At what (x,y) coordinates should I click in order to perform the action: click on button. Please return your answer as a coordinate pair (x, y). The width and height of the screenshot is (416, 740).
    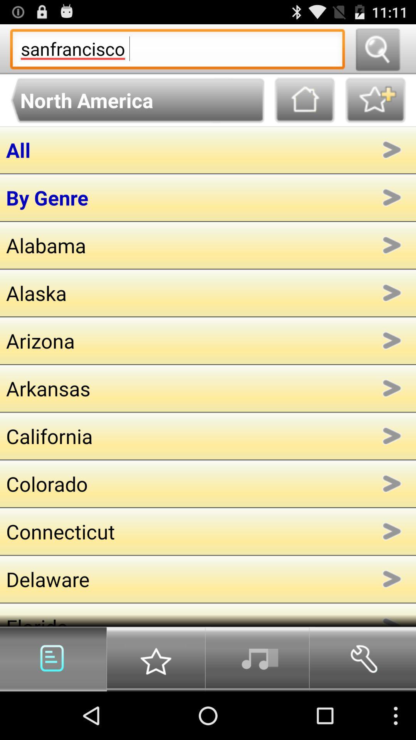
    Looking at the image, I should click on (375, 100).